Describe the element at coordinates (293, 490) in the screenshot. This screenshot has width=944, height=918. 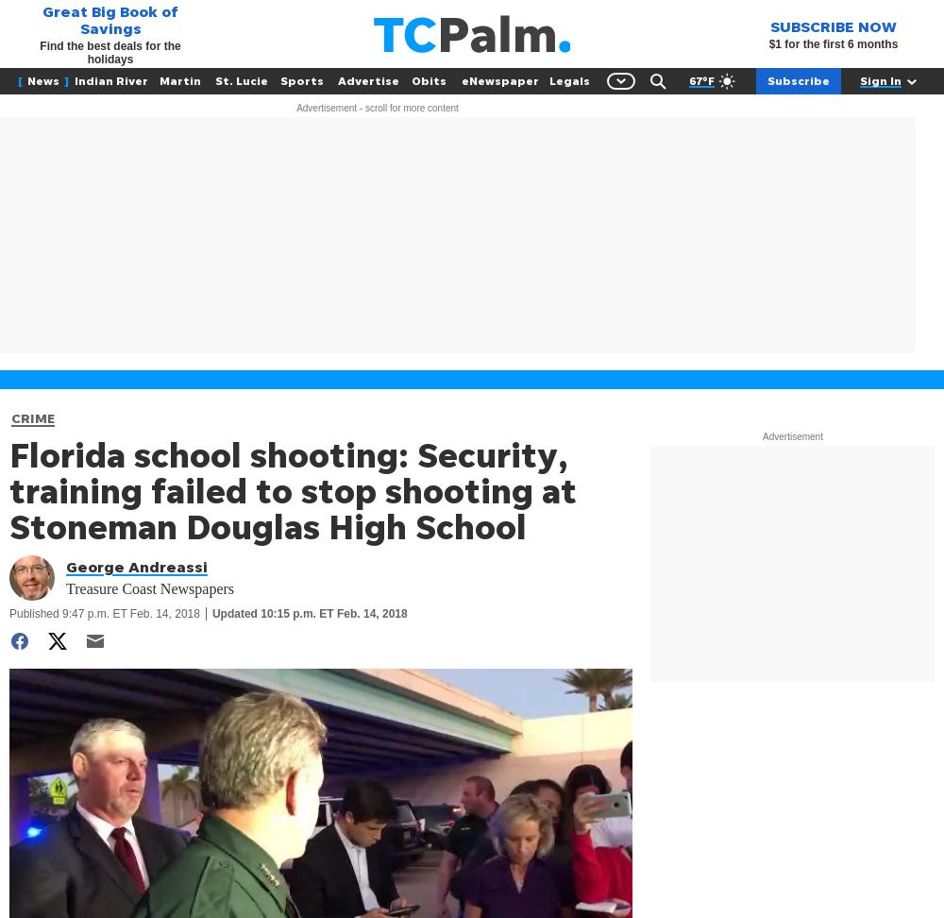
I see `'Florida school shooting: Security, training failed to stop shooting at Stoneman Douglas High School'` at that location.